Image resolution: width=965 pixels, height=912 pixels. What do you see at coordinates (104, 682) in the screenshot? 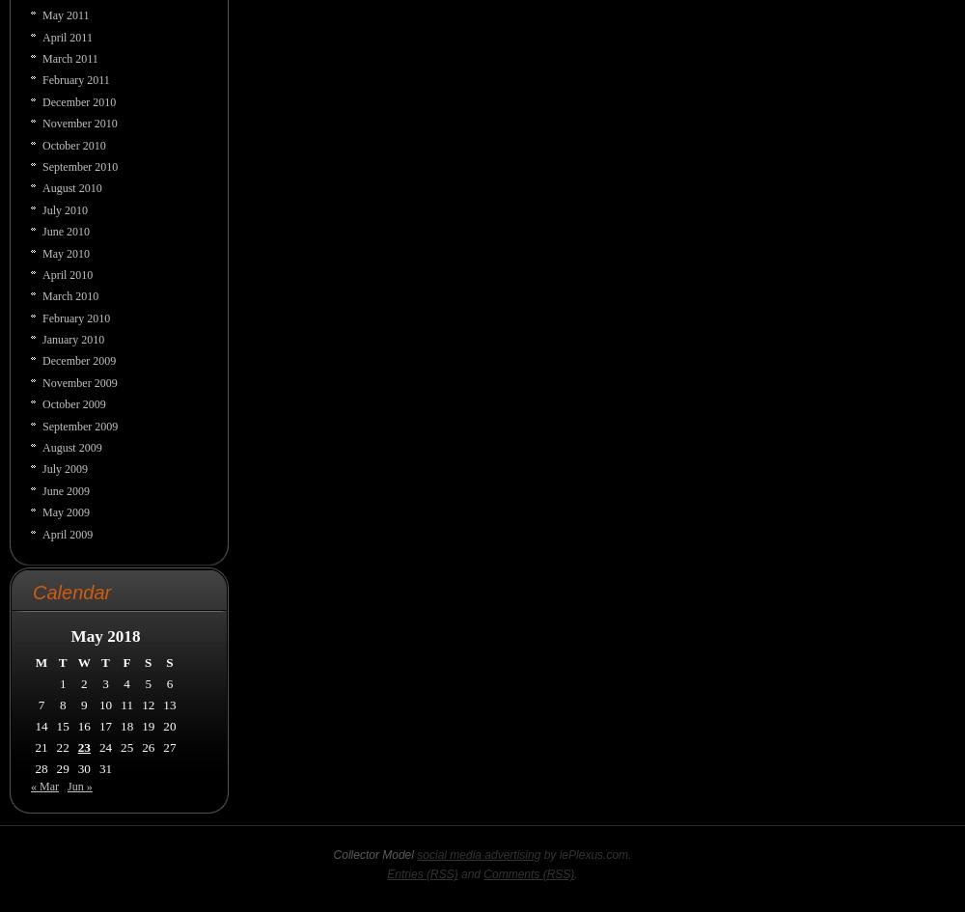
I see `'3'` at bounding box center [104, 682].